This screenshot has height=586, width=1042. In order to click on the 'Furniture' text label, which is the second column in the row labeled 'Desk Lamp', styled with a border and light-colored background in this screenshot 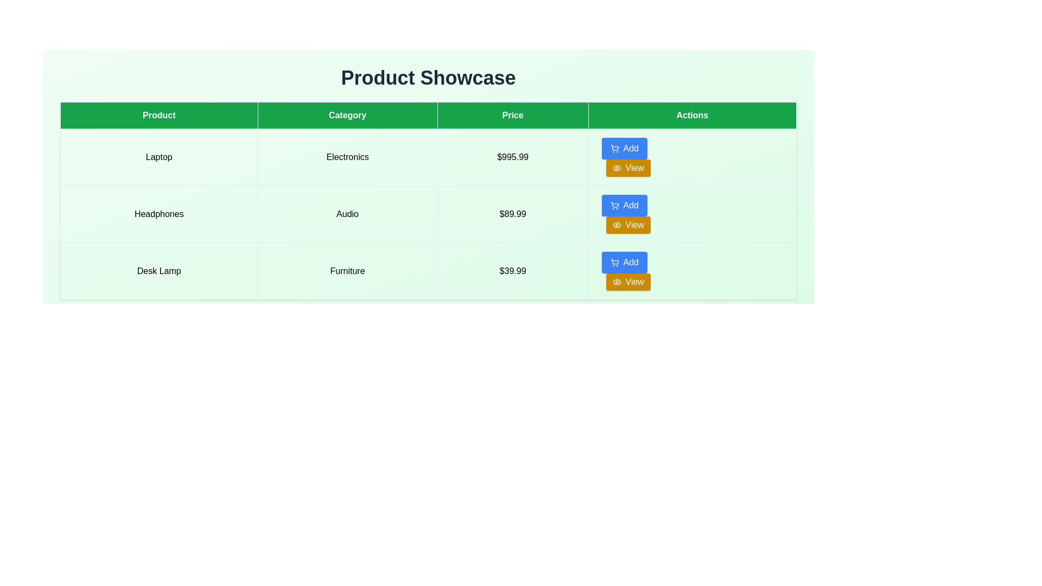, I will do `click(347, 271)`.